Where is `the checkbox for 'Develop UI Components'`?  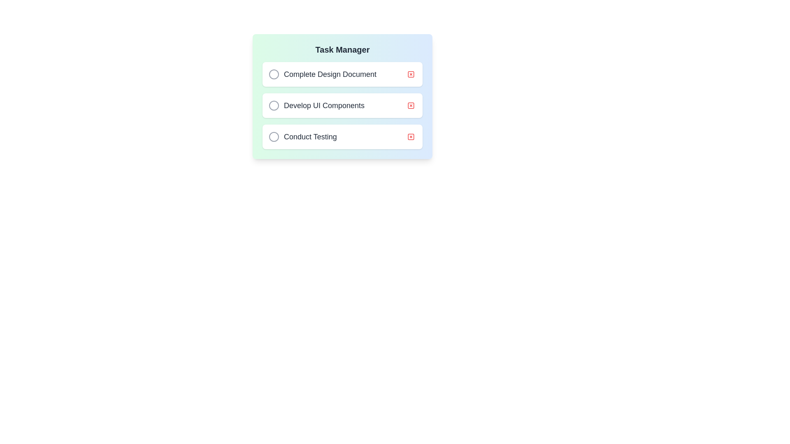 the checkbox for 'Develop UI Components' is located at coordinates (274, 105).